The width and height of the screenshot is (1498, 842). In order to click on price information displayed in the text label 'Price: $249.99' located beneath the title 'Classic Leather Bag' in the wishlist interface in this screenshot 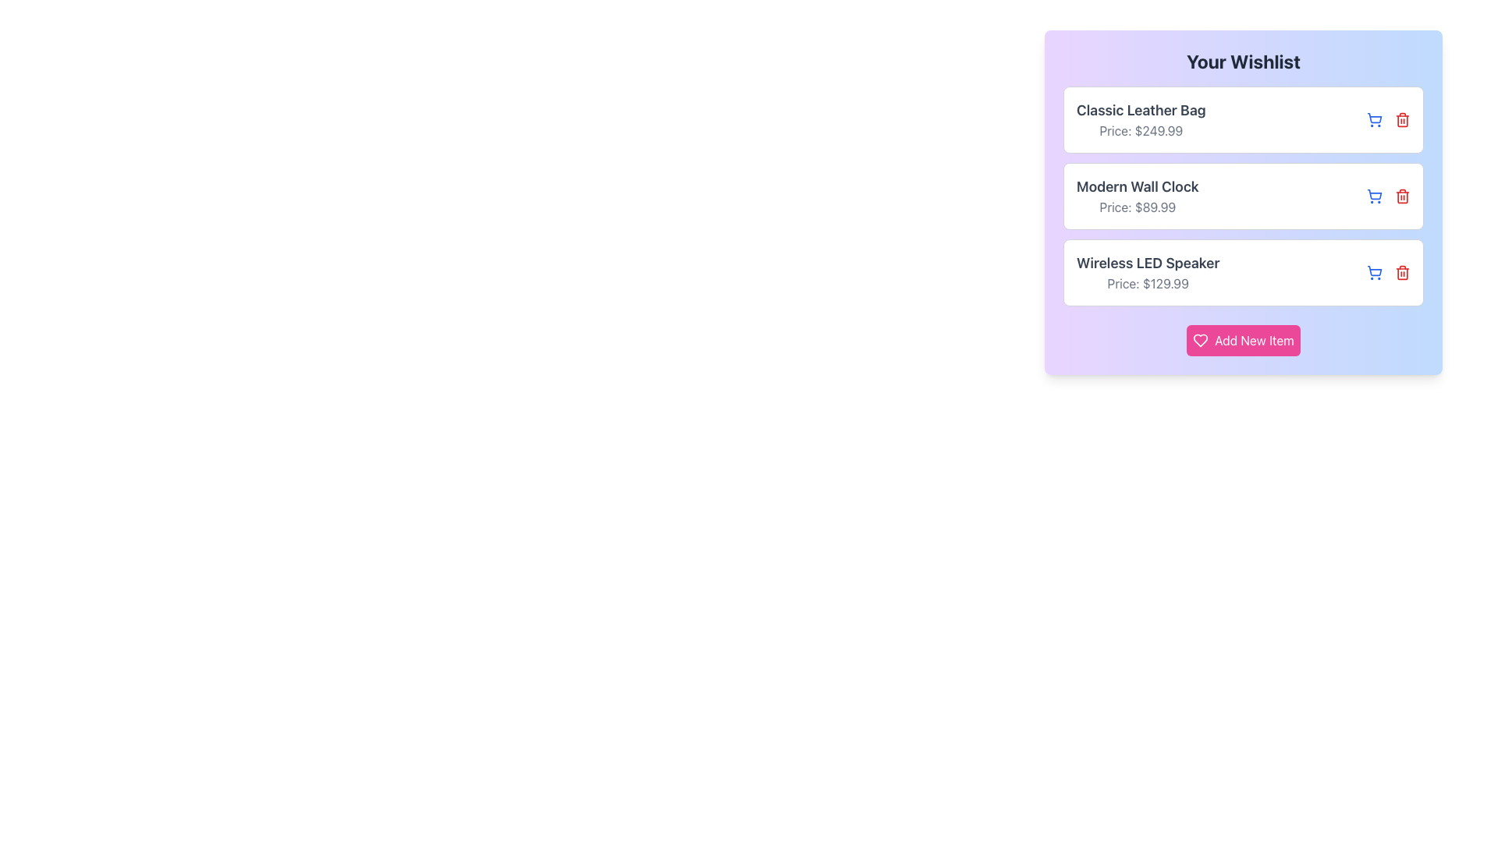, I will do `click(1141, 130)`.